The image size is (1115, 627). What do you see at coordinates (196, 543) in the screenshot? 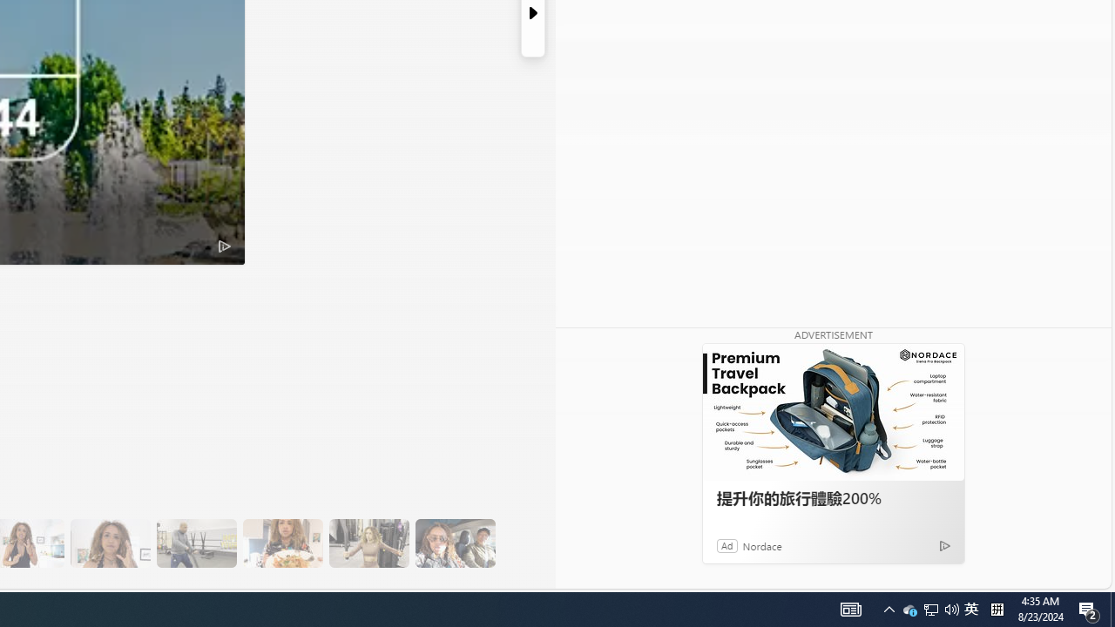
I see `'13 Her Husband Does Group Cardio Classs'` at bounding box center [196, 543].